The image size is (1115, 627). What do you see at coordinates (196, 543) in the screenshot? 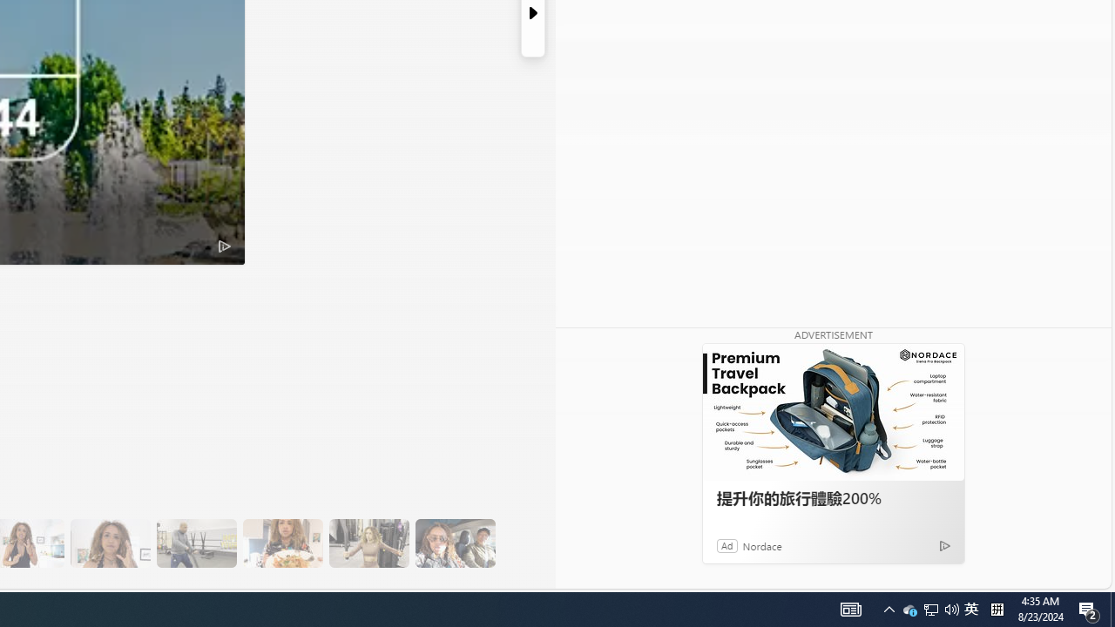
I see `'13 Her Husband Does Group Cardio Classs'` at bounding box center [196, 543].